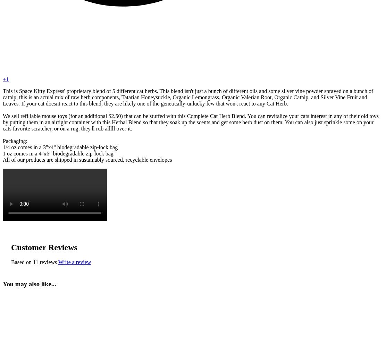 The width and height of the screenshot is (386, 355). I want to click on 'All of our products are shipped in sustainably sourced, recyclable envelopes', so click(87, 159).